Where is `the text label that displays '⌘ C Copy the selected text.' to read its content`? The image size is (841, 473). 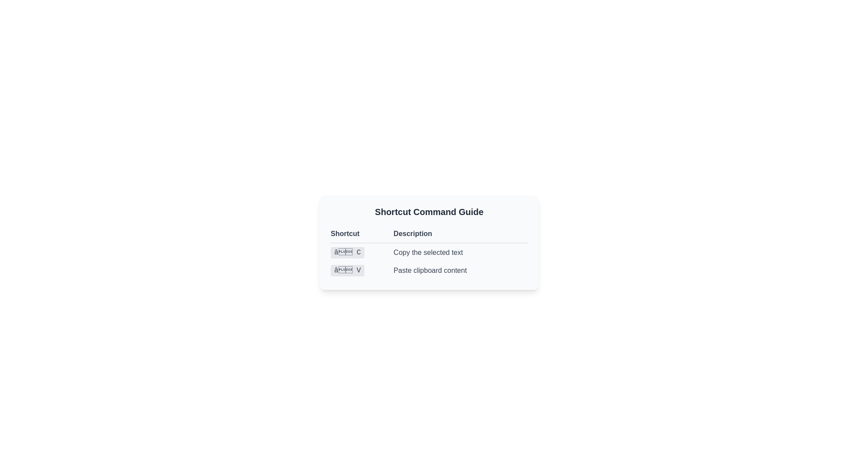 the text label that displays '⌘ C Copy the selected text.' to read its content is located at coordinates (429, 252).